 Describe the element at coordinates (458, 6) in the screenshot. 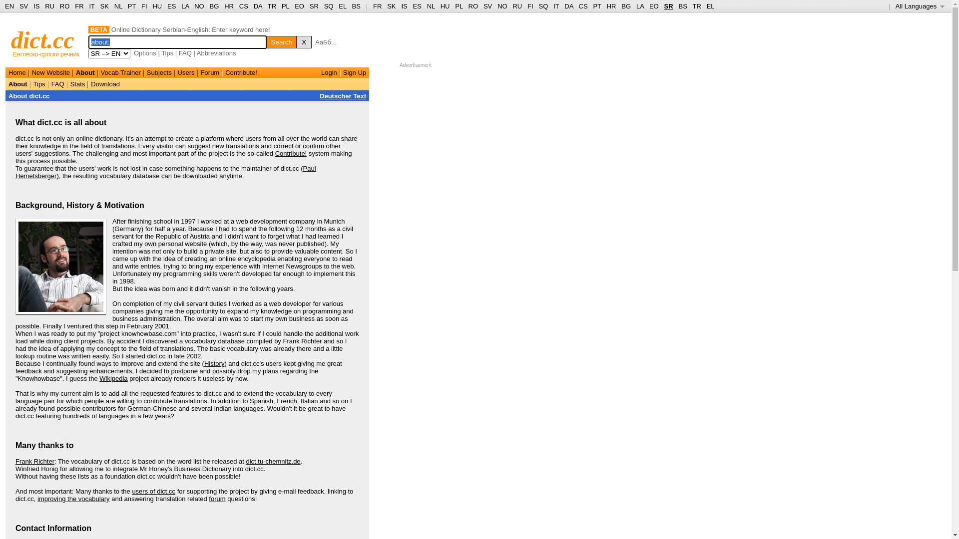

I see `'PL'` at that location.